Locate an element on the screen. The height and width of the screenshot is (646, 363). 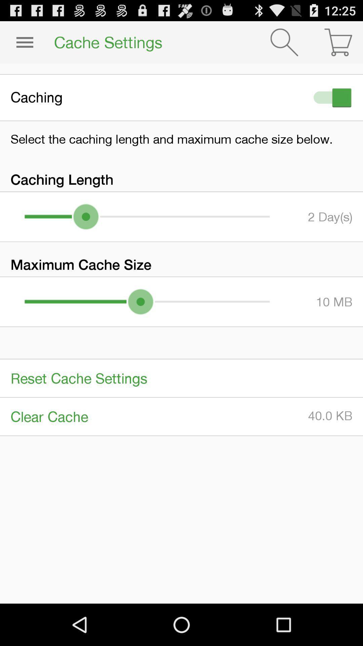
the item to the left of the cache settings item is located at coordinates (24, 42).